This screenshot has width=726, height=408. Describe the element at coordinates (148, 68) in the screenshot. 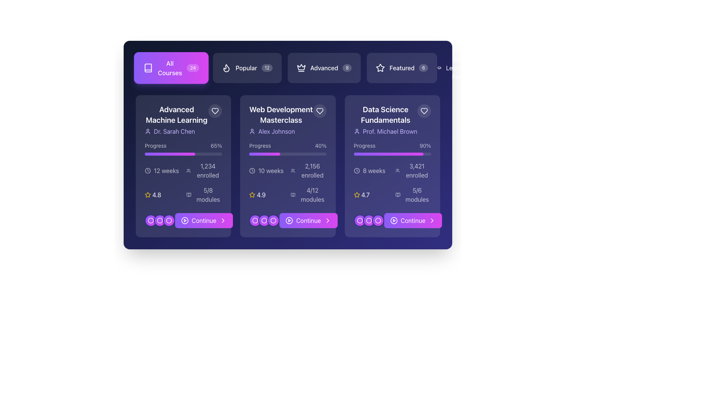

I see `the 'All Courses' icon located in the top-left section of the interface within the navigation header, which visually represents the catalog of available courses` at that location.